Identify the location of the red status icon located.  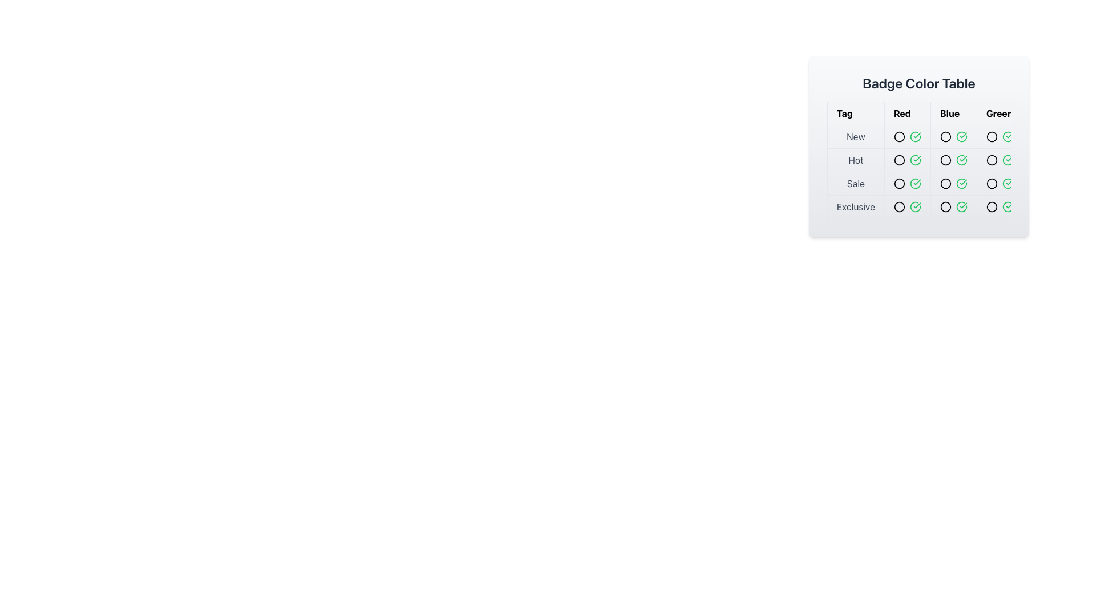
(898, 183).